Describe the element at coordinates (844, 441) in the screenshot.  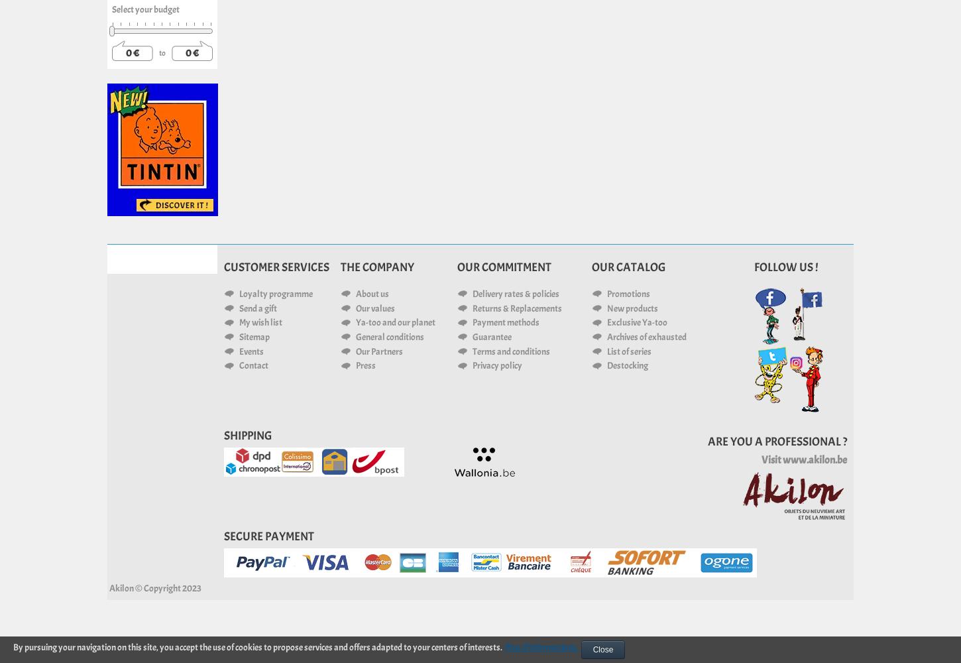
I see `'?'` at that location.